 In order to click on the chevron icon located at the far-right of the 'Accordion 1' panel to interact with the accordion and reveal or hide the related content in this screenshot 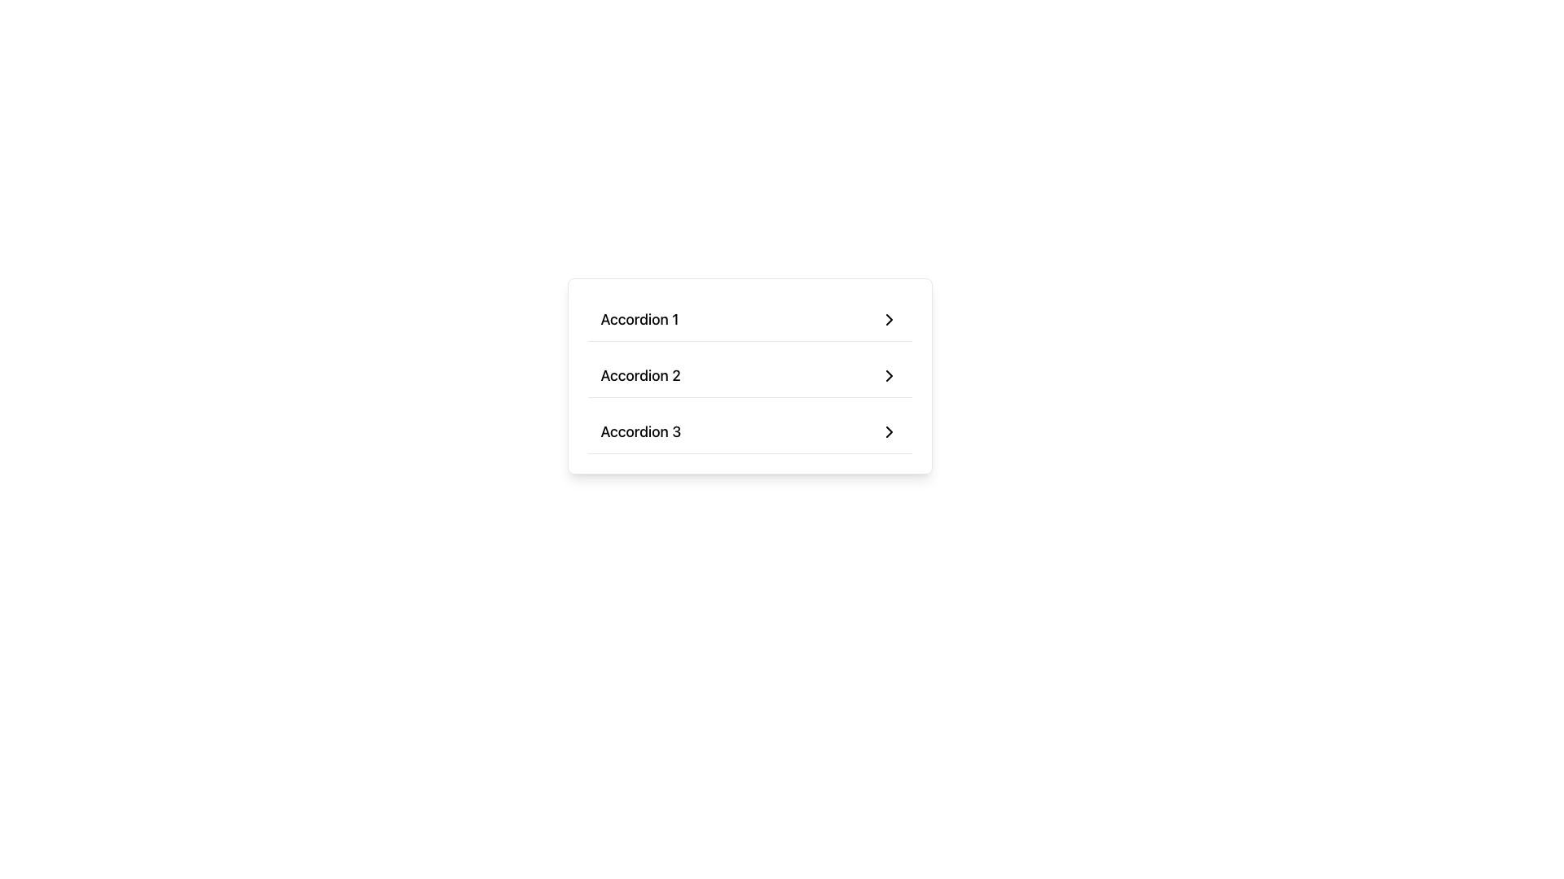, I will do `click(888, 320)`.